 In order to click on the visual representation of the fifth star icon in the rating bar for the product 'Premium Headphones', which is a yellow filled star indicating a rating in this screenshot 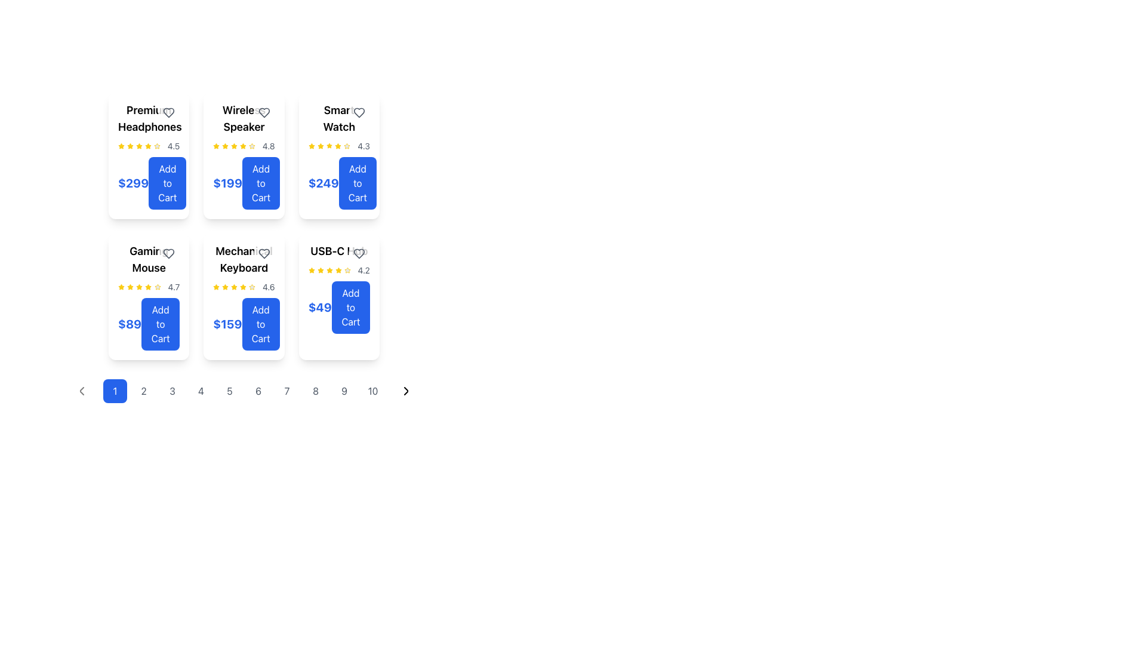, I will do `click(147, 146)`.